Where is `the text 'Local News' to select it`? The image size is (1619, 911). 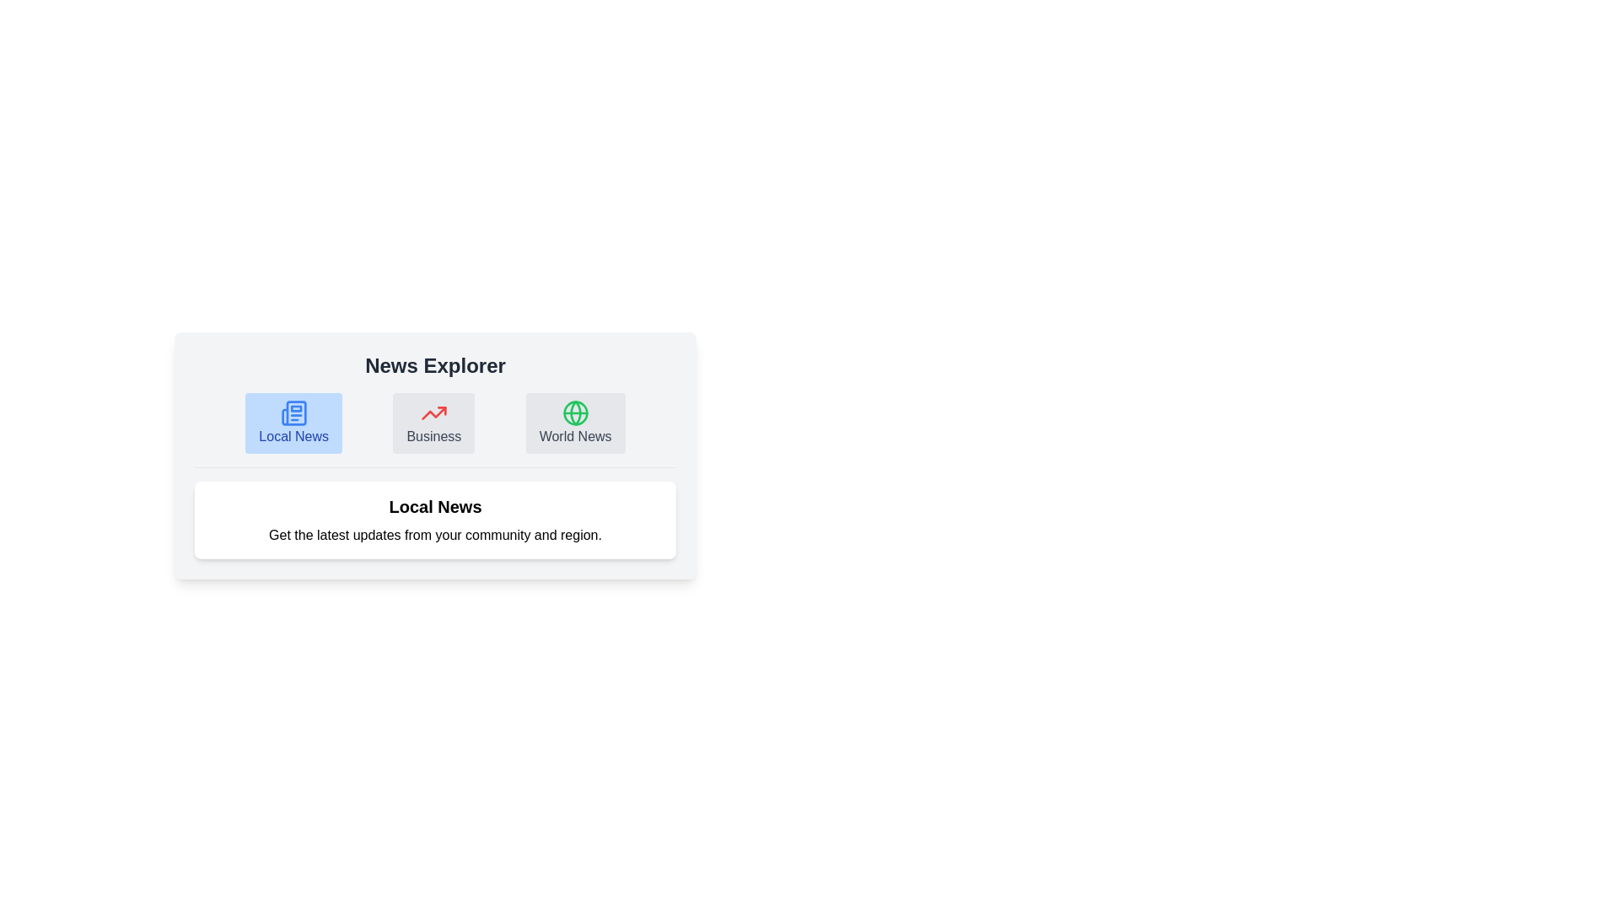
the text 'Local News' to select it is located at coordinates (293, 422).